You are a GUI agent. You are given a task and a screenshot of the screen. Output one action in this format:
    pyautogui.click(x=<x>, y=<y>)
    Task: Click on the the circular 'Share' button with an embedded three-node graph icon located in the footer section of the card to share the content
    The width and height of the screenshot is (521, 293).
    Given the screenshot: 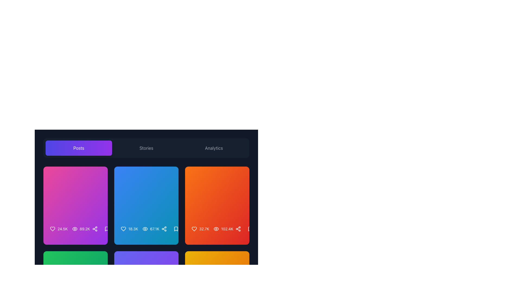 What is the action you would take?
    pyautogui.click(x=95, y=229)
    